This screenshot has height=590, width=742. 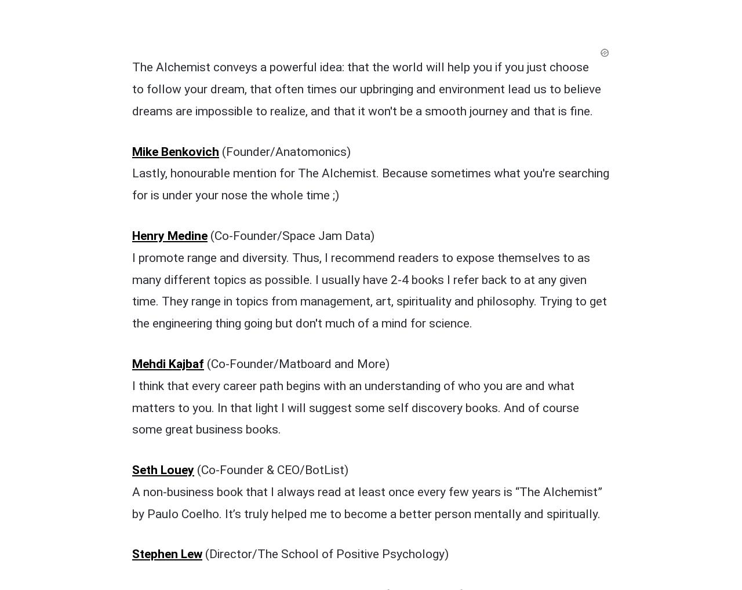 What do you see at coordinates (325, 312) in the screenshot?
I see `'(Director/The School of Positive Psychology)'` at bounding box center [325, 312].